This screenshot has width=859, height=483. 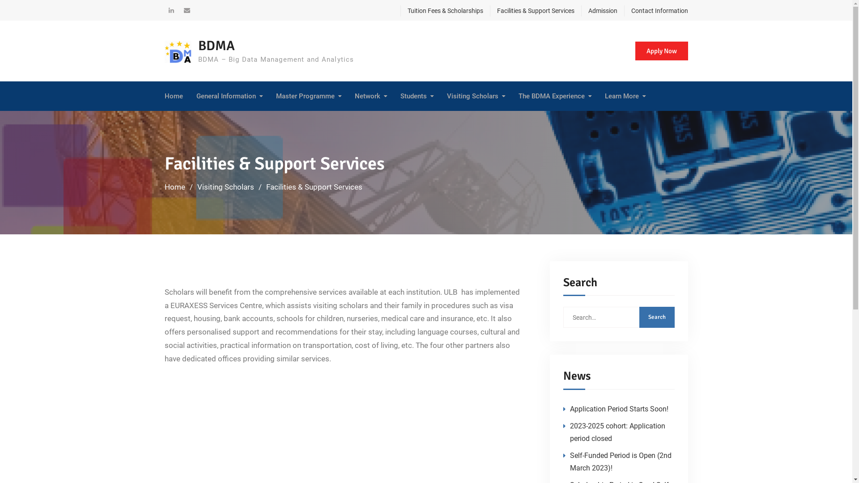 What do you see at coordinates (441, 11) in the screenshot?
I see `'Tuition Fees & Scholarships'` at bounding box center [441, 11].